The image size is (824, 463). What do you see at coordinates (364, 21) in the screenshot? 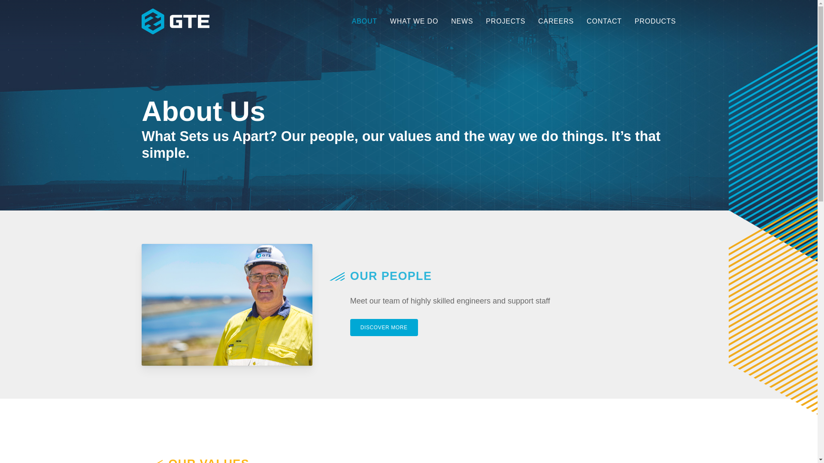
I see `'ABOUT'` at bounding box center [364, 21].